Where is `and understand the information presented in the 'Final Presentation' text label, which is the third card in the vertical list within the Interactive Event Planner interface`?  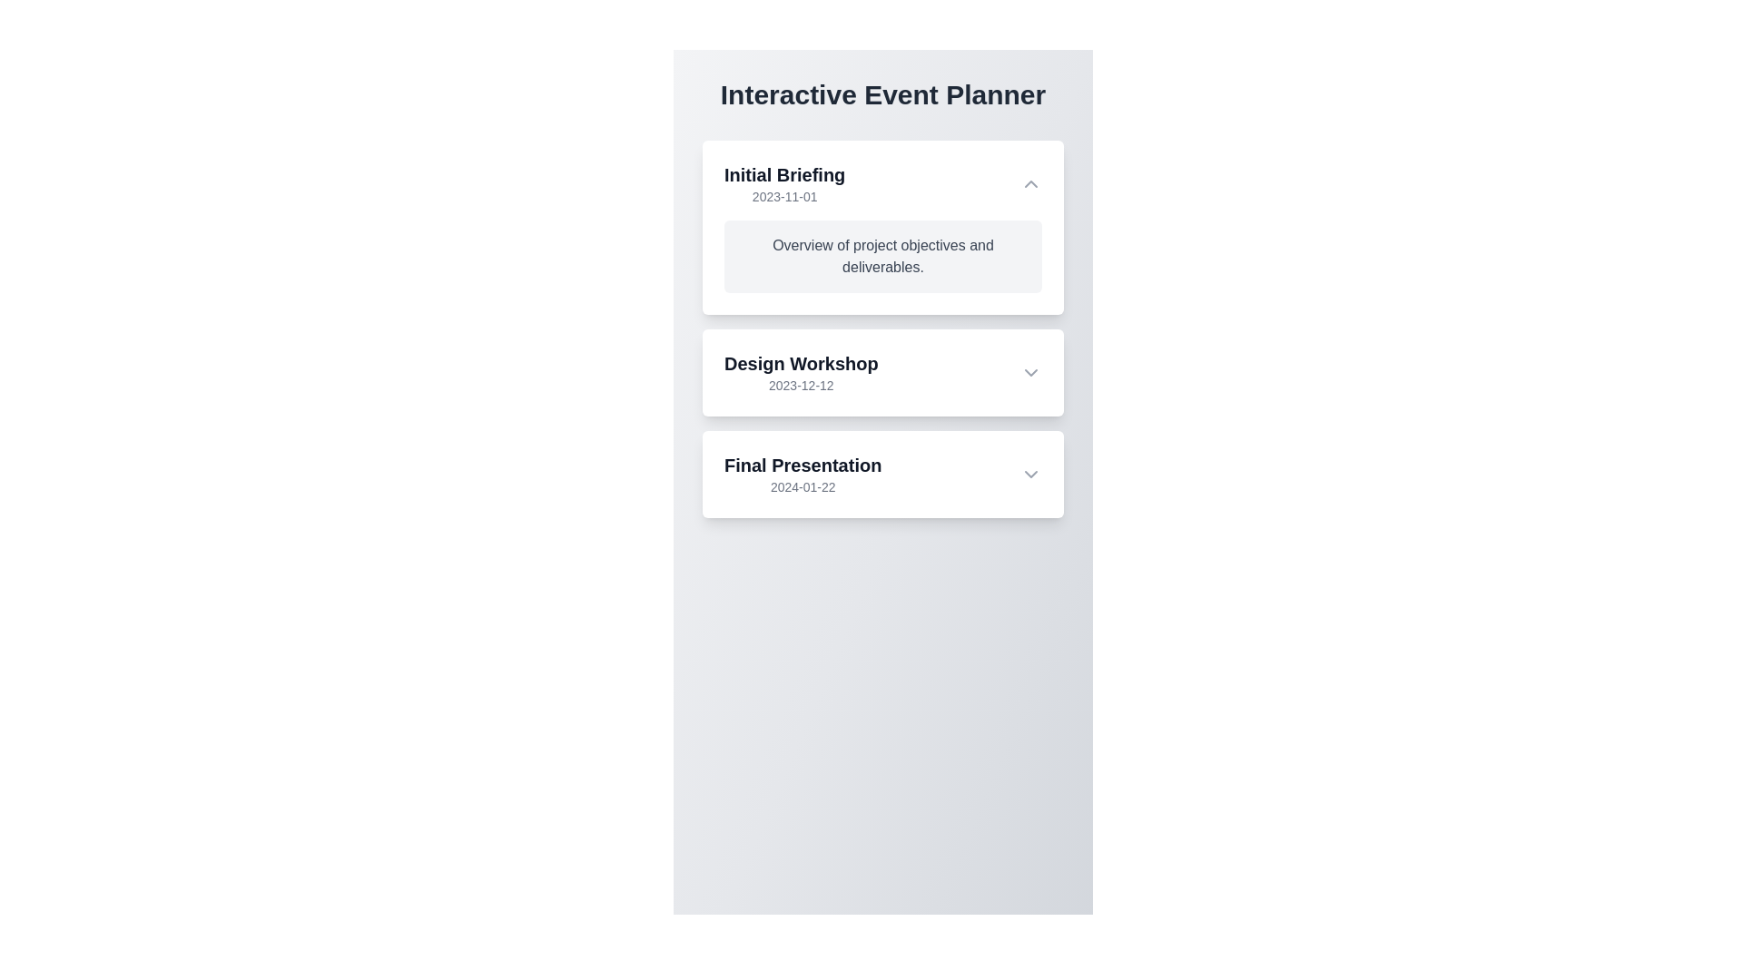 and understand the information presented in the 'Final Presentation' text label, which is the third card in the vertical list within the Interactive Event Planner interface is located at coordinates (802, 474).